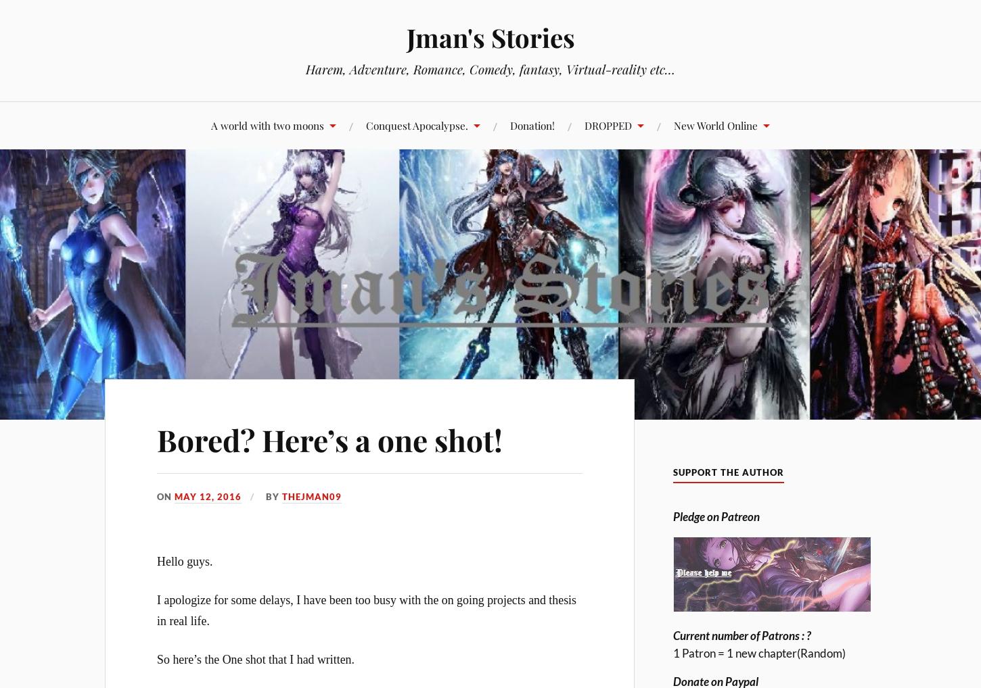 The width and height of the screenshot is (981, 688). Describe the element at coordinates (211, 124) in the screenshot. I see `'A world with two moons'` at that location.